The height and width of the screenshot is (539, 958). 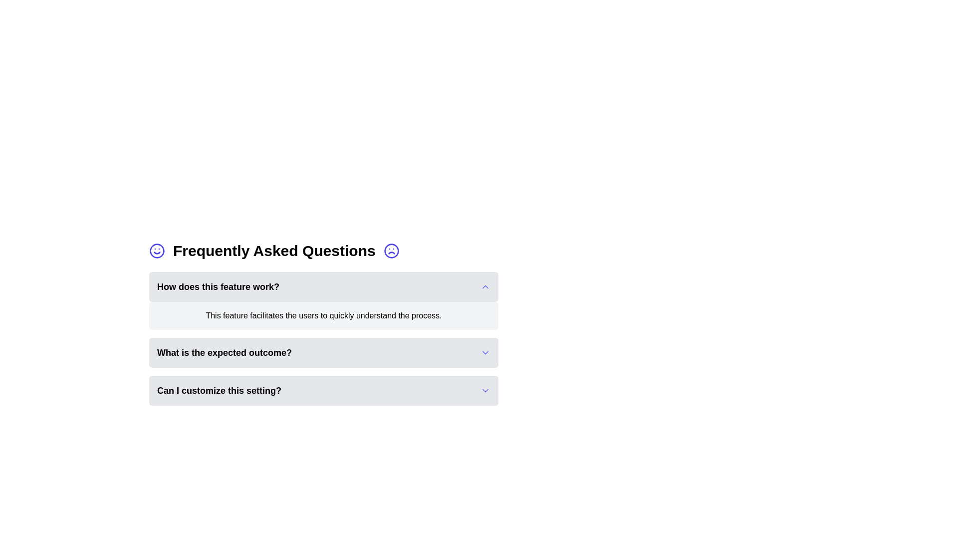 What do you see at coordinates (391, 250) in the screenshot?
I see `the sad expression icon located to the right of the 'Frequently Asked Questions' text, which is the second icon in a horizontal arrangement` at bounding box center [391, 250].